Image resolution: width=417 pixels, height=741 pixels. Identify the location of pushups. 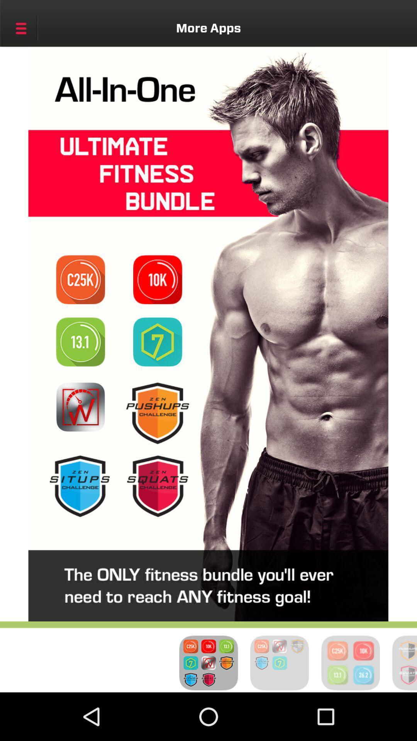
(157, 413).